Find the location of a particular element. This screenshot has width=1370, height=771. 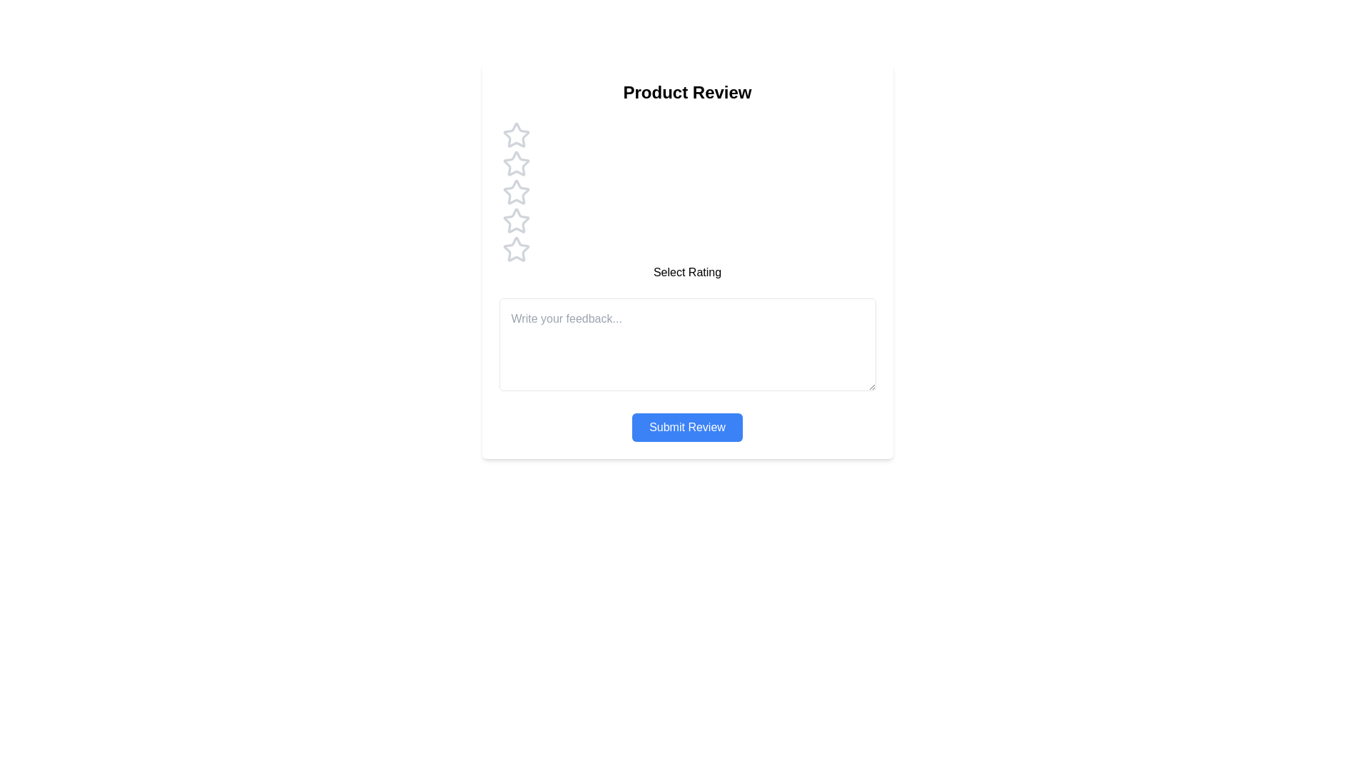

the third star in the five-star rating control to indicate a mid-level rating for the product review is located at coordinates (515, 191).